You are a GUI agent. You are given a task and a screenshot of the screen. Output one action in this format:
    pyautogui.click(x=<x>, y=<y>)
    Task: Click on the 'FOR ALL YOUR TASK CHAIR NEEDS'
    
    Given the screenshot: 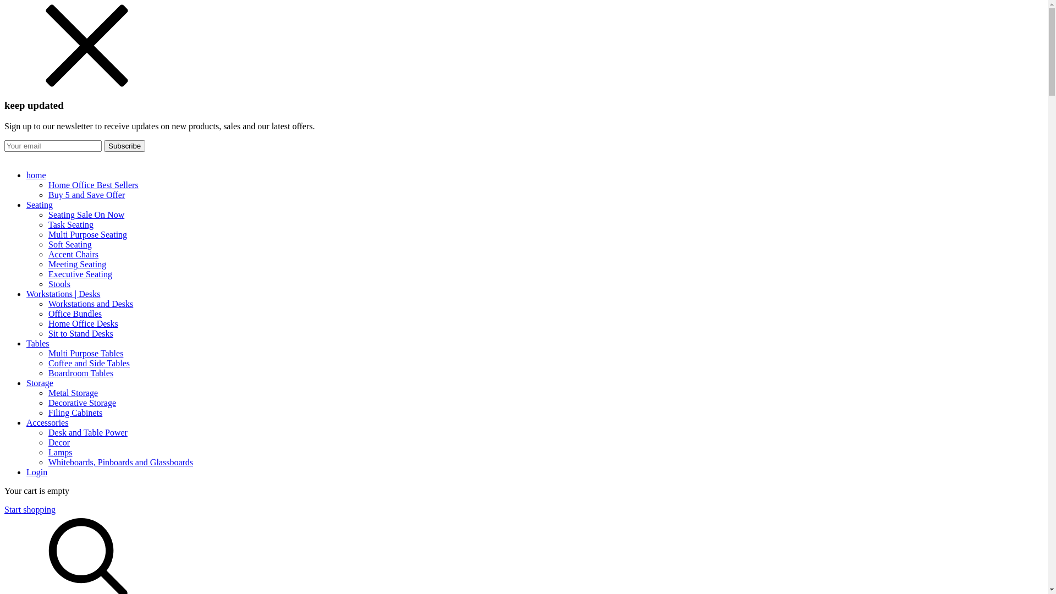 What is the action you would take?
    pyautogui.click(x=523, y=157)
    